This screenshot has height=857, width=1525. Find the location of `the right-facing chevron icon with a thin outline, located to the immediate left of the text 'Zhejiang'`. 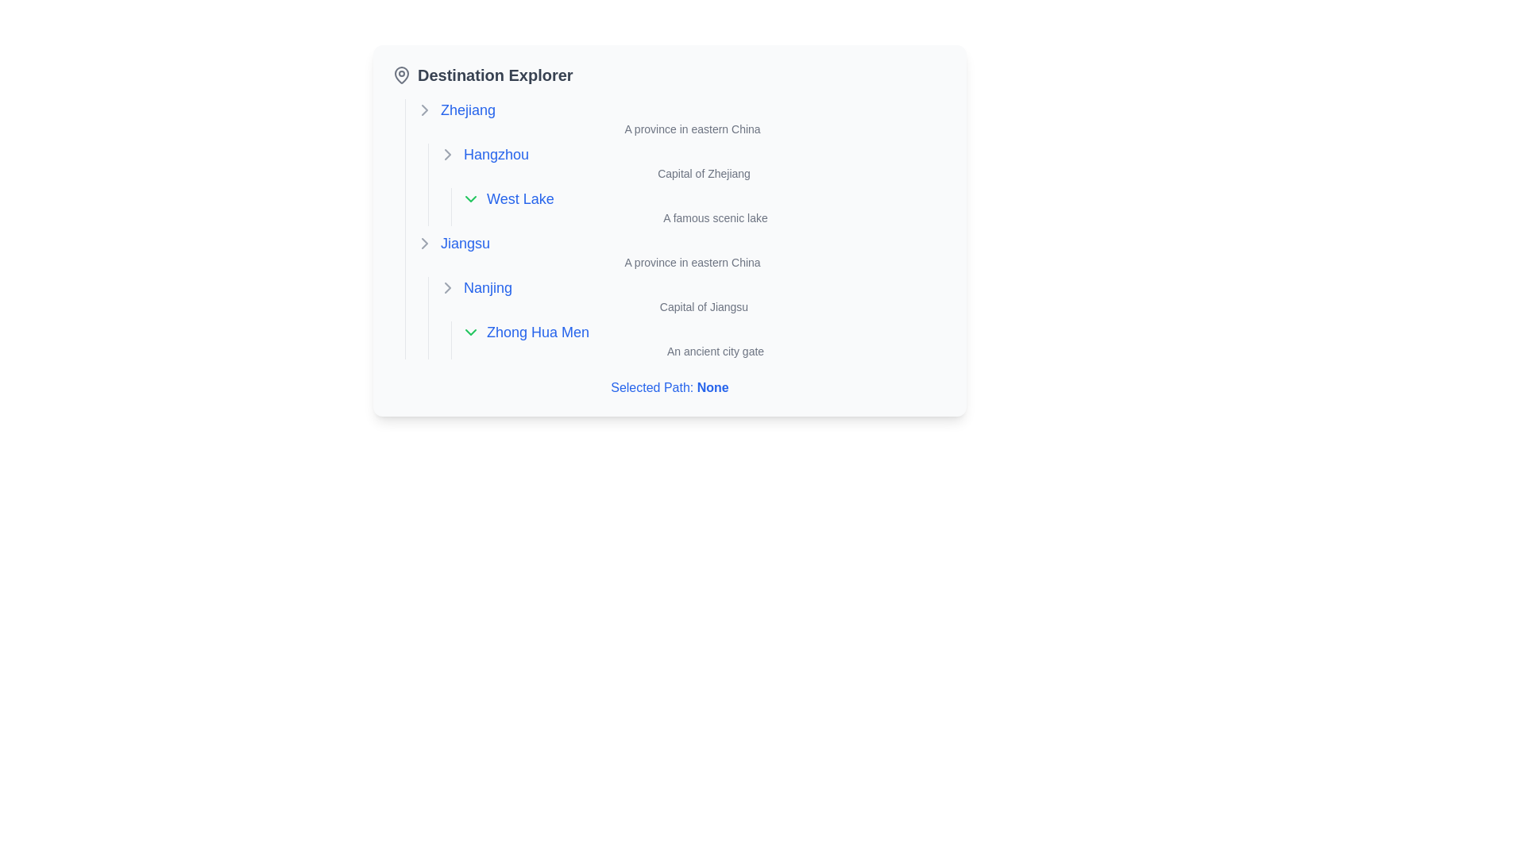

the right-facing chevron icon with a thin outline, located to the immediate left of the text 'Zhejiang' is located at coordinates (424, 109).